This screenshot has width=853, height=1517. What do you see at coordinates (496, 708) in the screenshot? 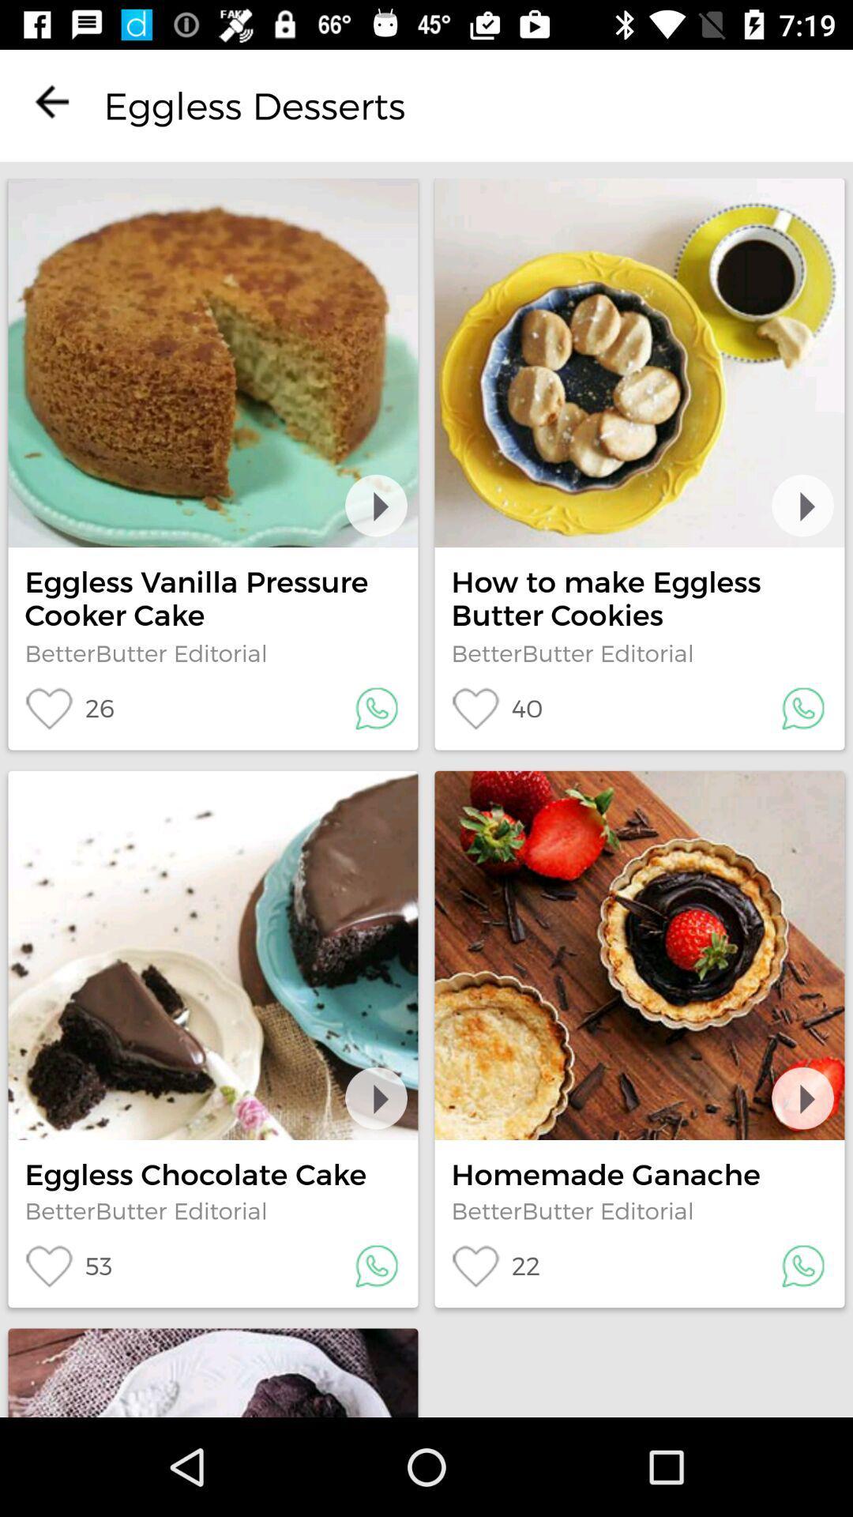
I see `the 40 item` at bounding box center [496, 708].